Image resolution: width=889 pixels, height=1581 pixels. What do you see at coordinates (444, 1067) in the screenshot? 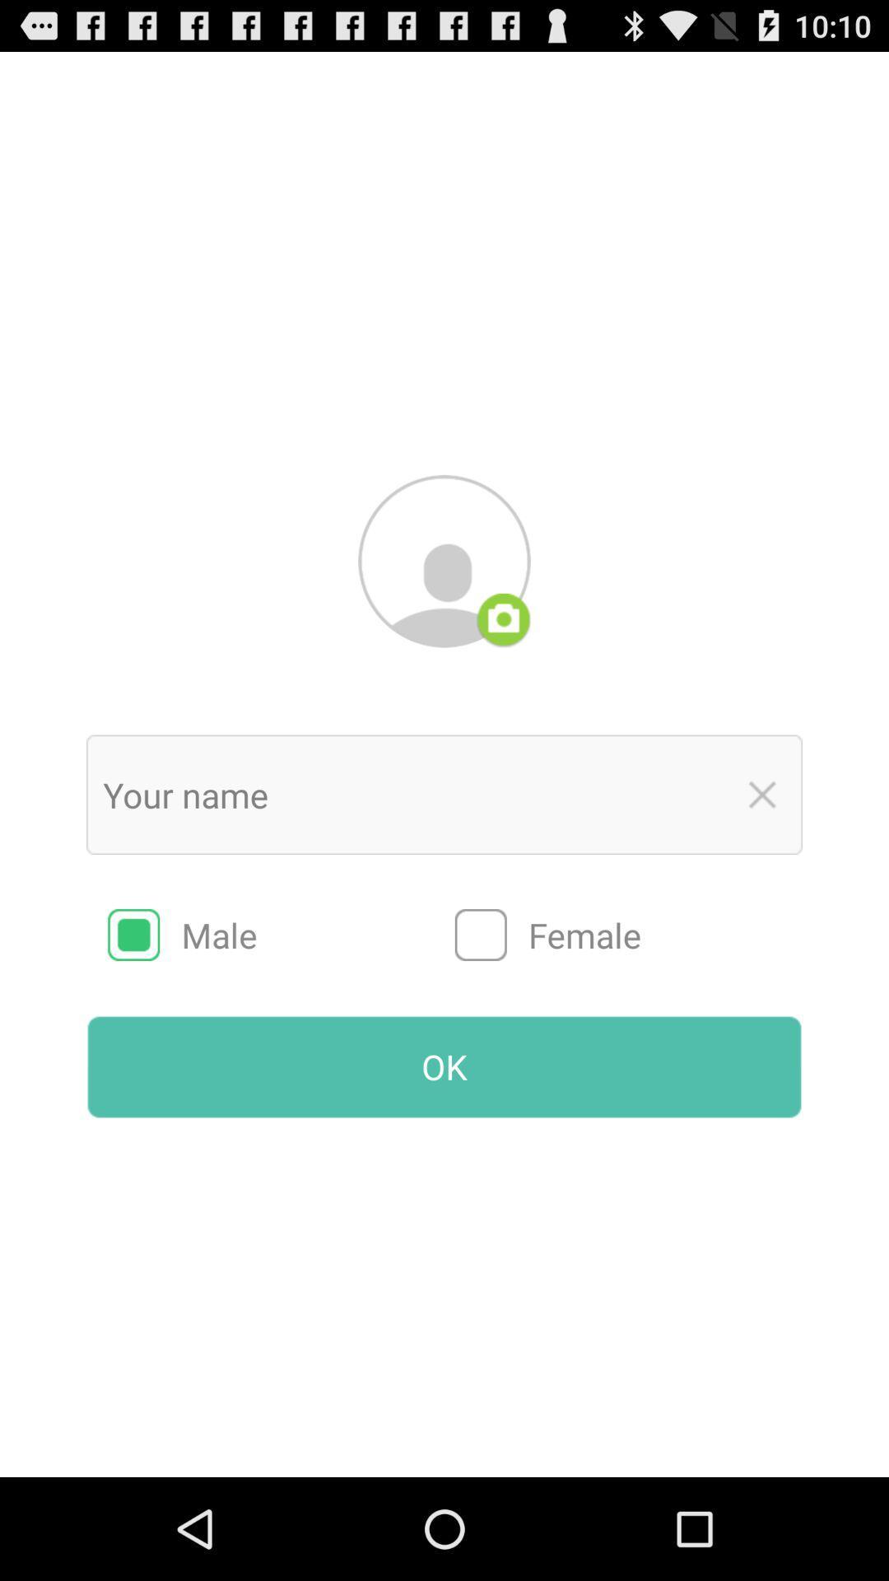
I see `the ok button` at bounding box center [444, 1067].